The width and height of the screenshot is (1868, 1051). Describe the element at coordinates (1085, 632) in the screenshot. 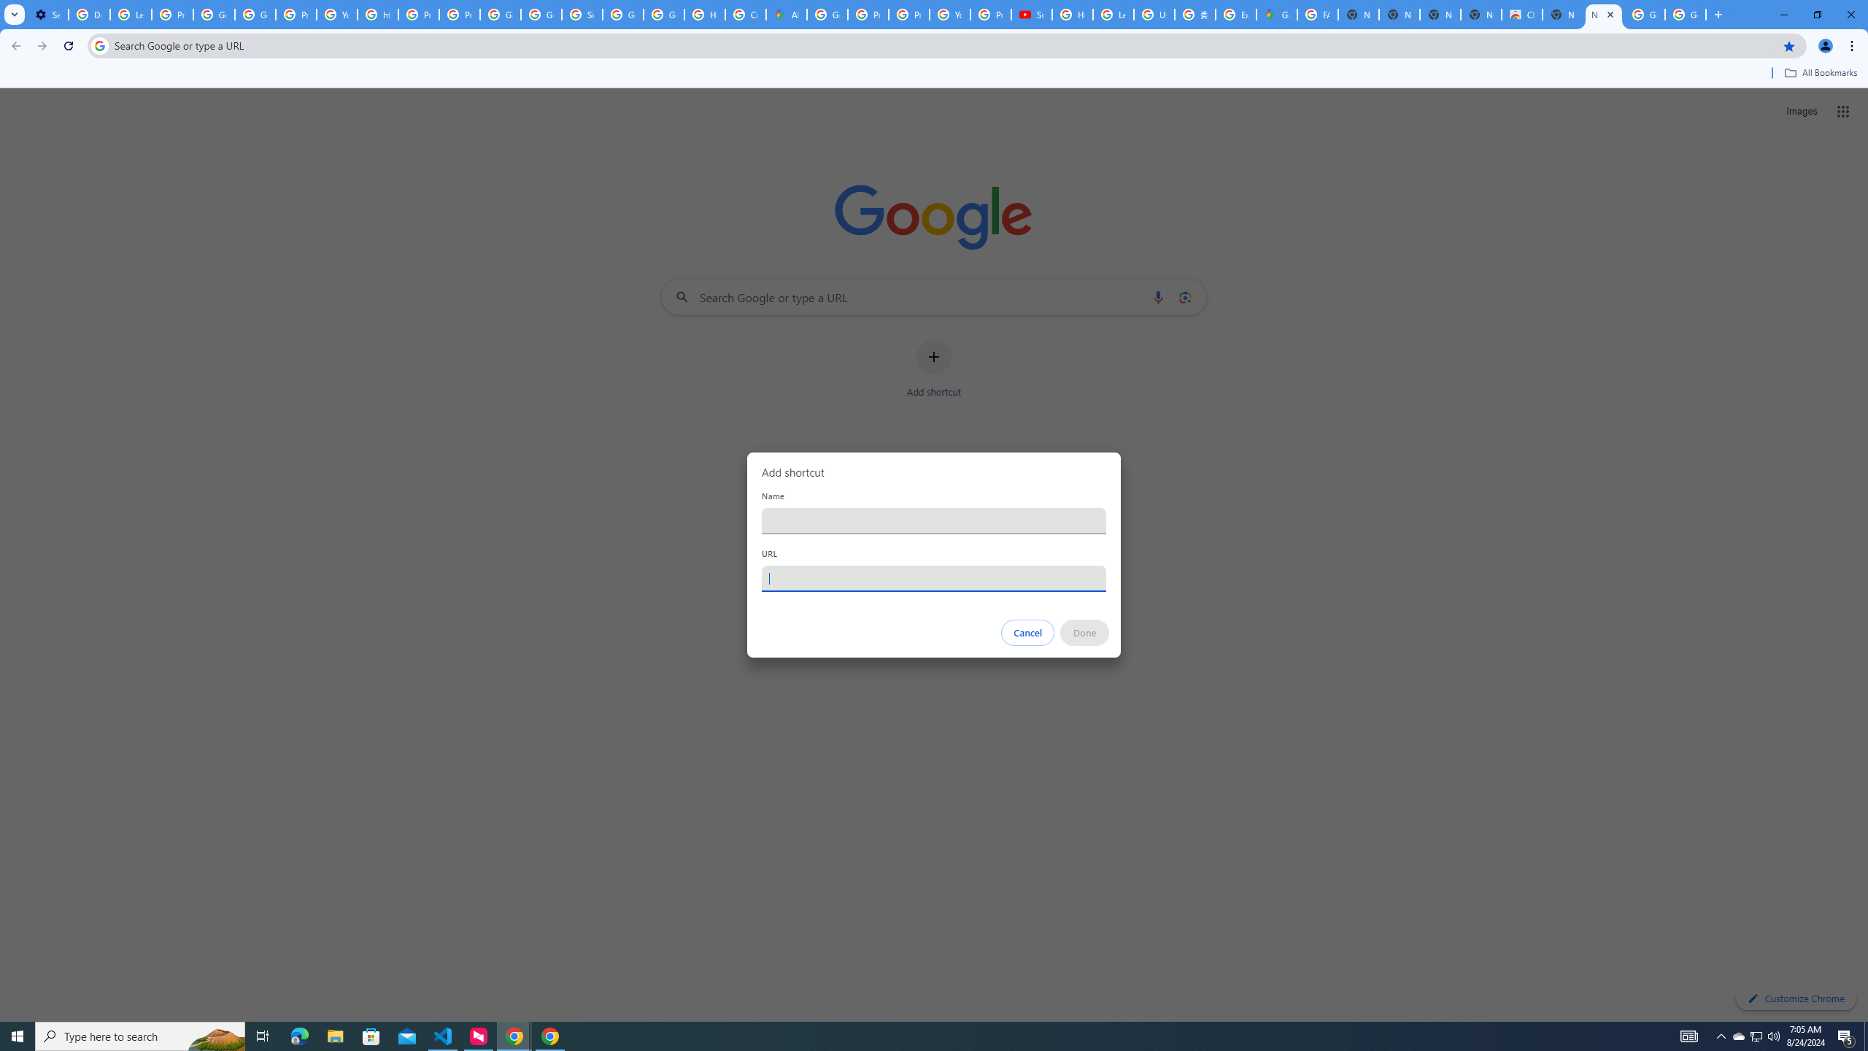

I see `'Done'` at that location.